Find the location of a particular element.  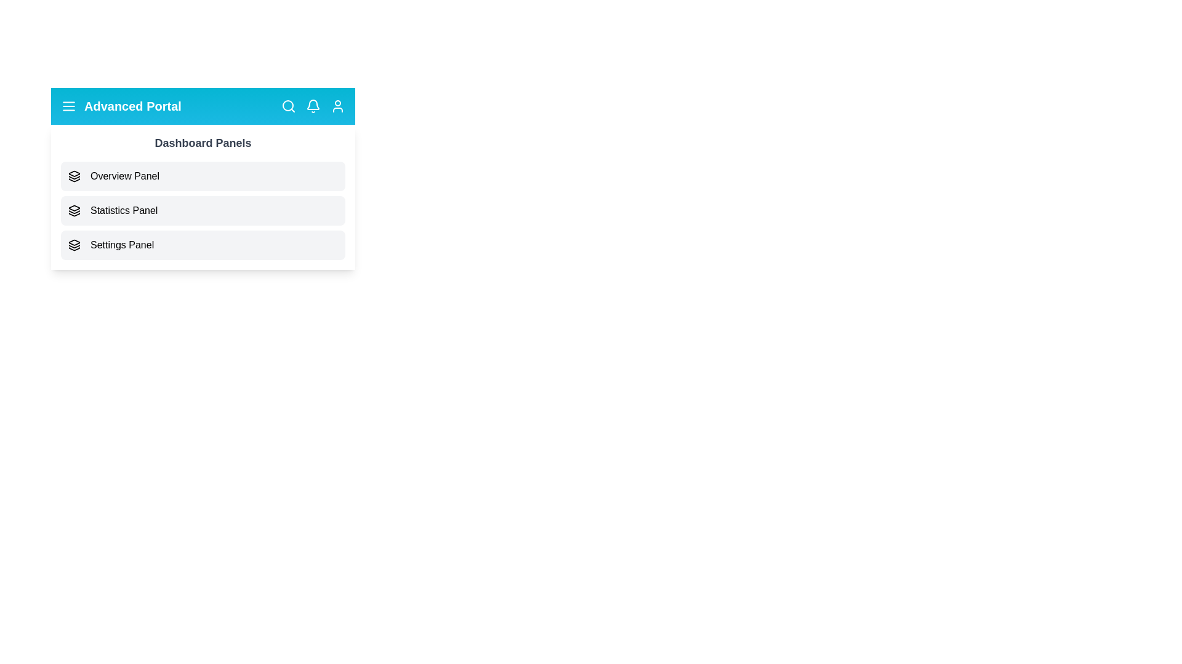

the Settings Panel panel to view its content is located at coordinates (203, 245).